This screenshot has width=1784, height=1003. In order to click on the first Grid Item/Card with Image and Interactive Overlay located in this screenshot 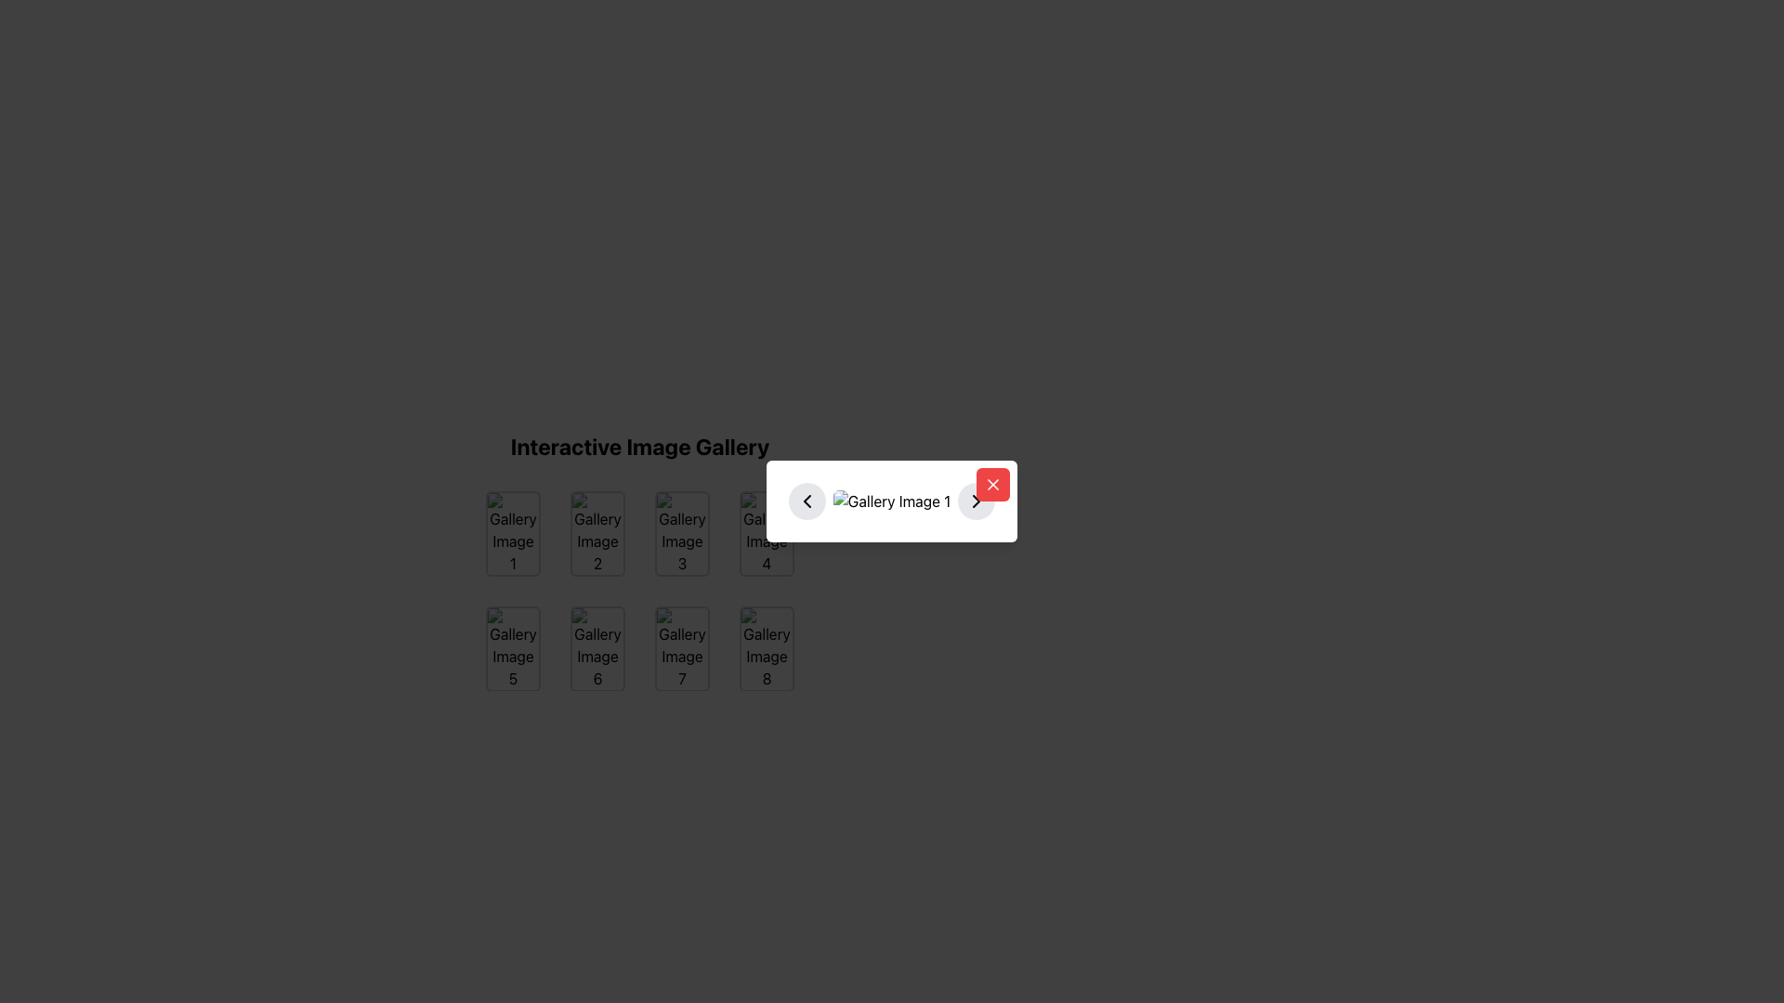, I will do `click(513, 533)`.